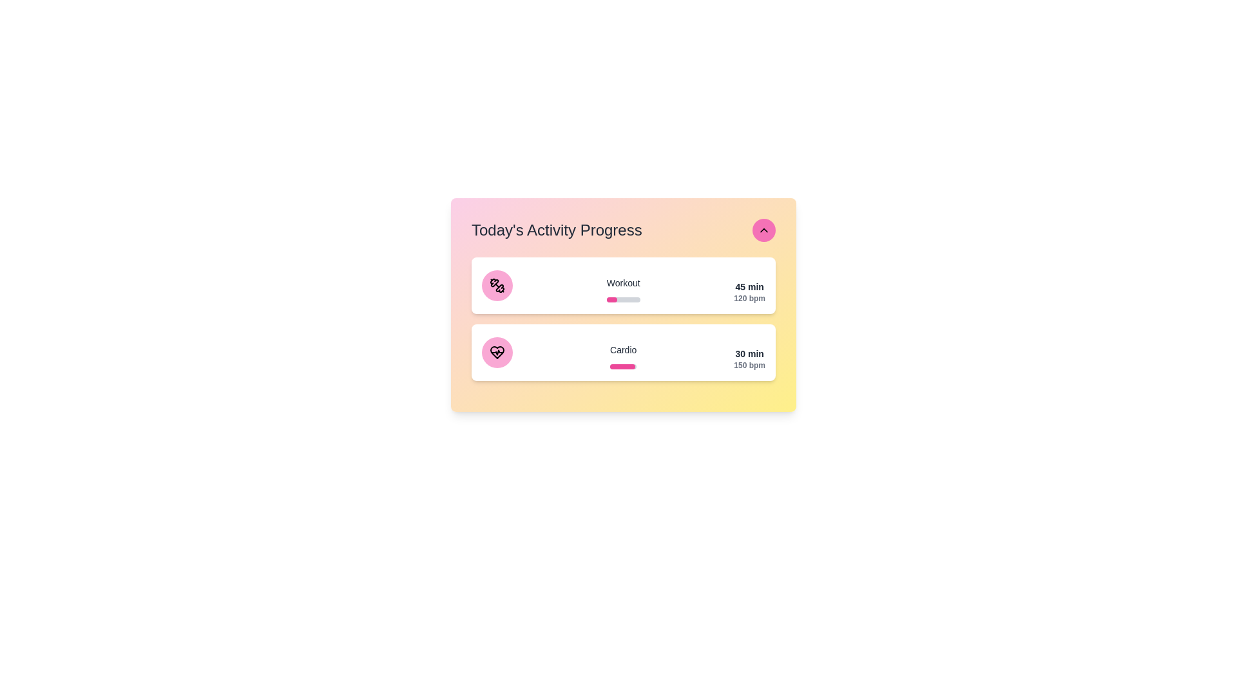 The width and height of the screenshot is (1237, 695). Describe the element at coordinates (622, 367) in the screenshot. I see `the Progress bar segment that visually represents the completion level for the 'Cardio' activity, located in the lower section of the 'Today's Activity Progress' module` at that location.